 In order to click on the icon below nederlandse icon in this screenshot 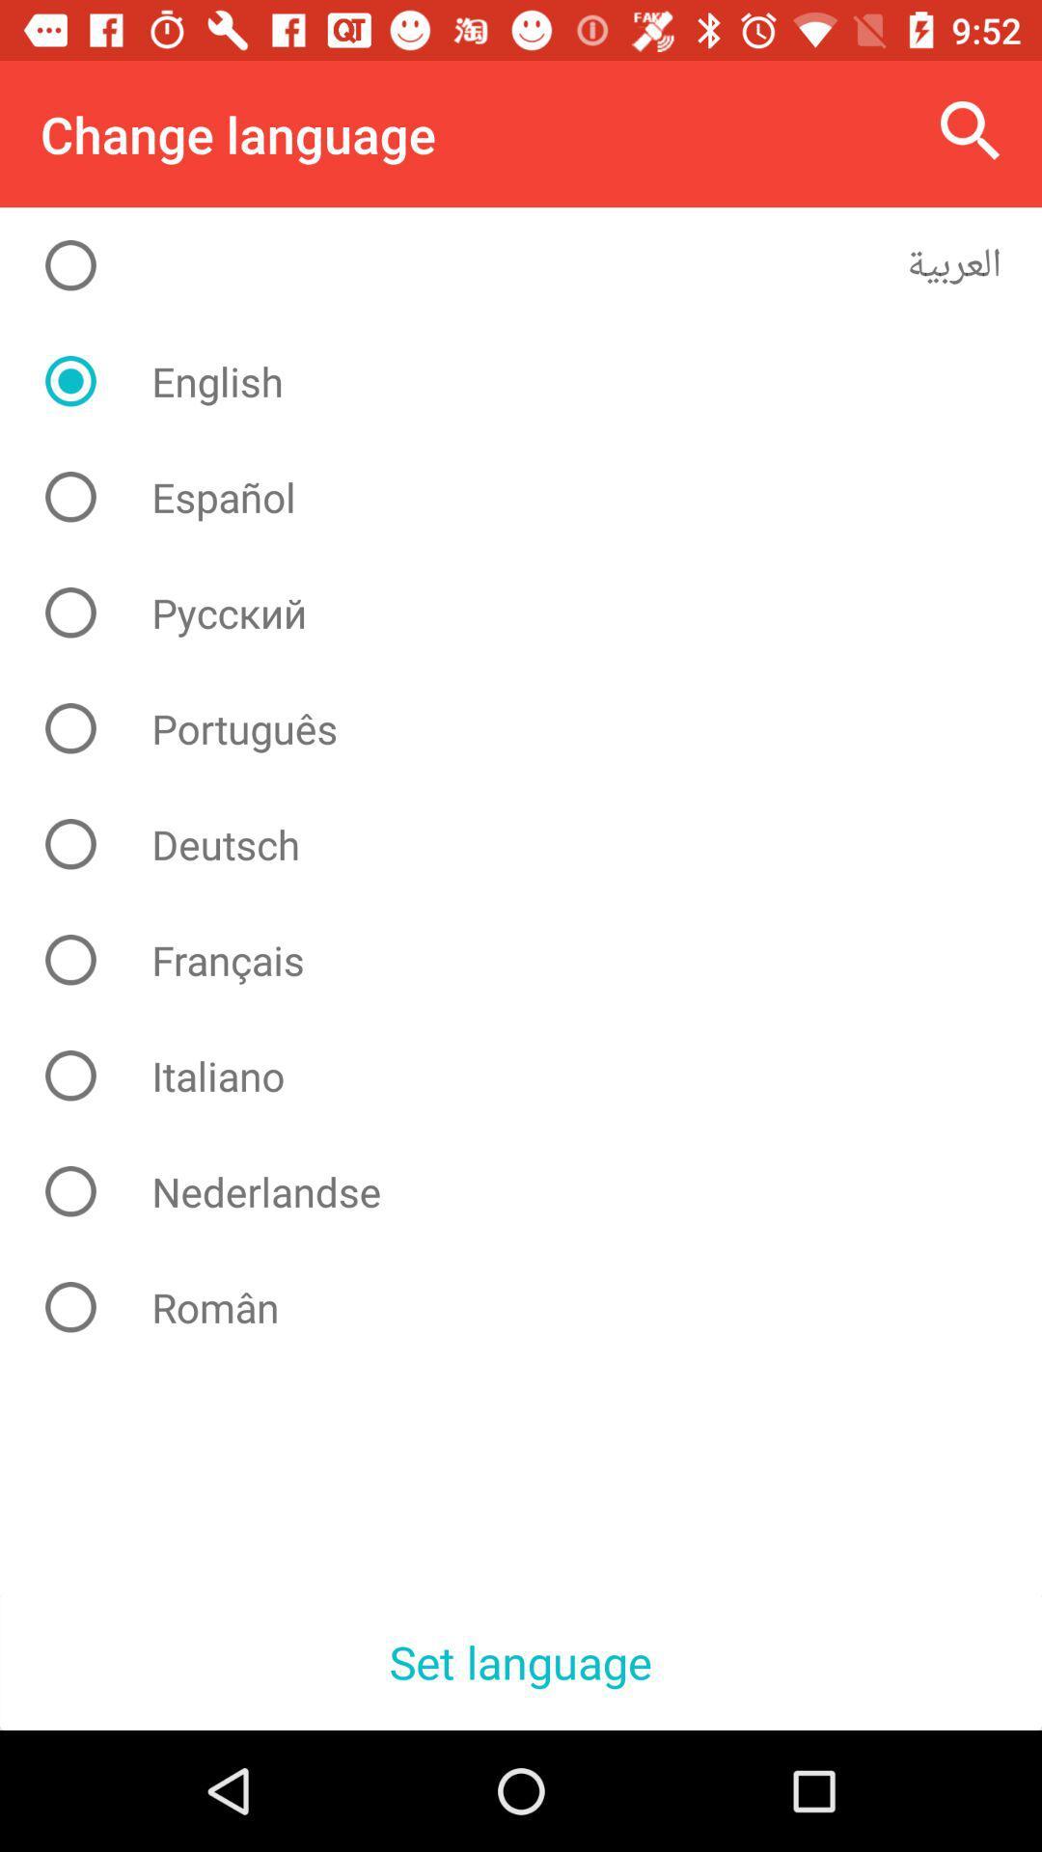, I will do `click(535, 1307)`.